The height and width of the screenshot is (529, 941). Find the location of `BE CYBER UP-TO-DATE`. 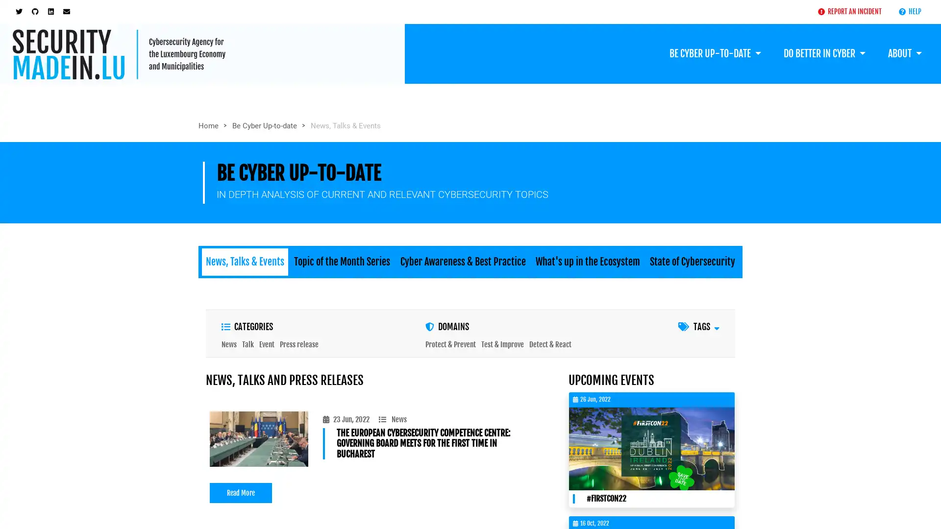

BE CYBER UP-TO-DATE is located at coordinates (715, 53).